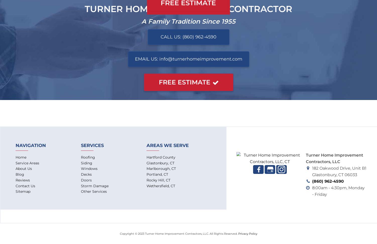  What do you see at coordinates (160, 163) in the screenshot?
I see `'Glastonbury, CT'` at bounding box center [160, 163].